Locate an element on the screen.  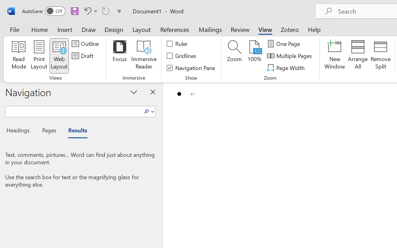
'Undo Bullet Default' is located at coordinates (87, 11).